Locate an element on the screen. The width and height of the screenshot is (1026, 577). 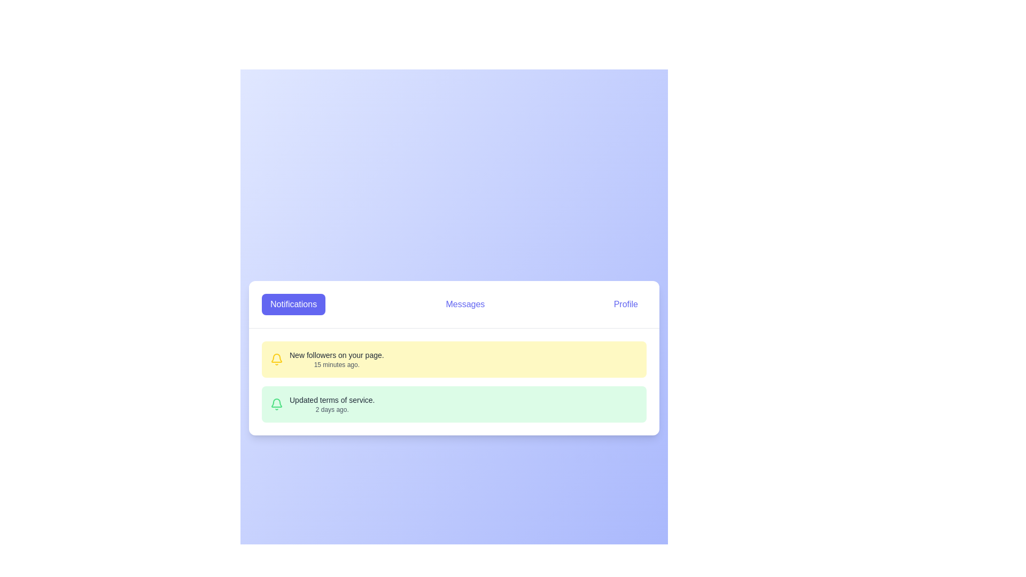
the right-aligned button in the navigation bar that serves as a link to the profile page is located at coordinates (626, 304).